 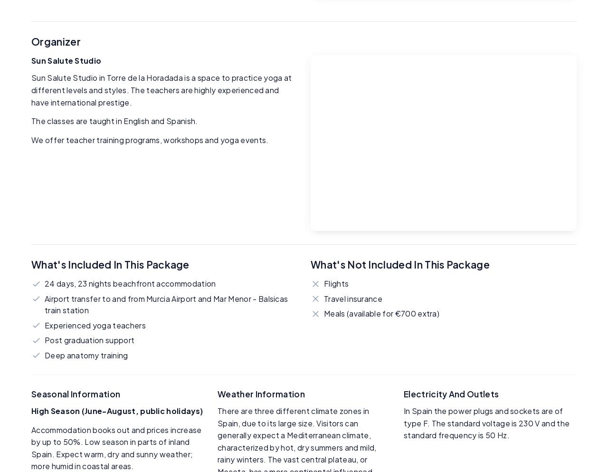 What do you see at coordinates (66, 60) in the screenshot?
I see `'Sun Salute Studio'` at bounding box center [66, 60].